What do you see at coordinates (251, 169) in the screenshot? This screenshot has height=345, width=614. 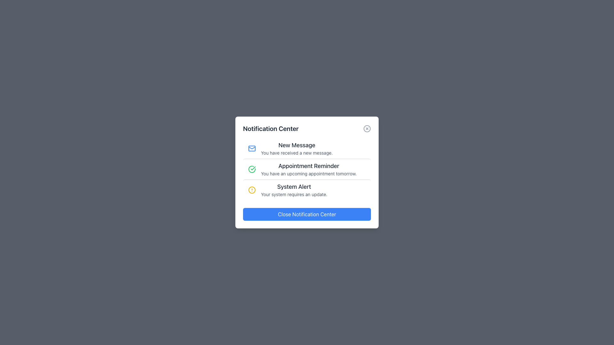 I see `the circular green-stroked icon with a checkmark located beside the 'Appointment Reminder' title in the notification panel` at bounding box center [251, 169].